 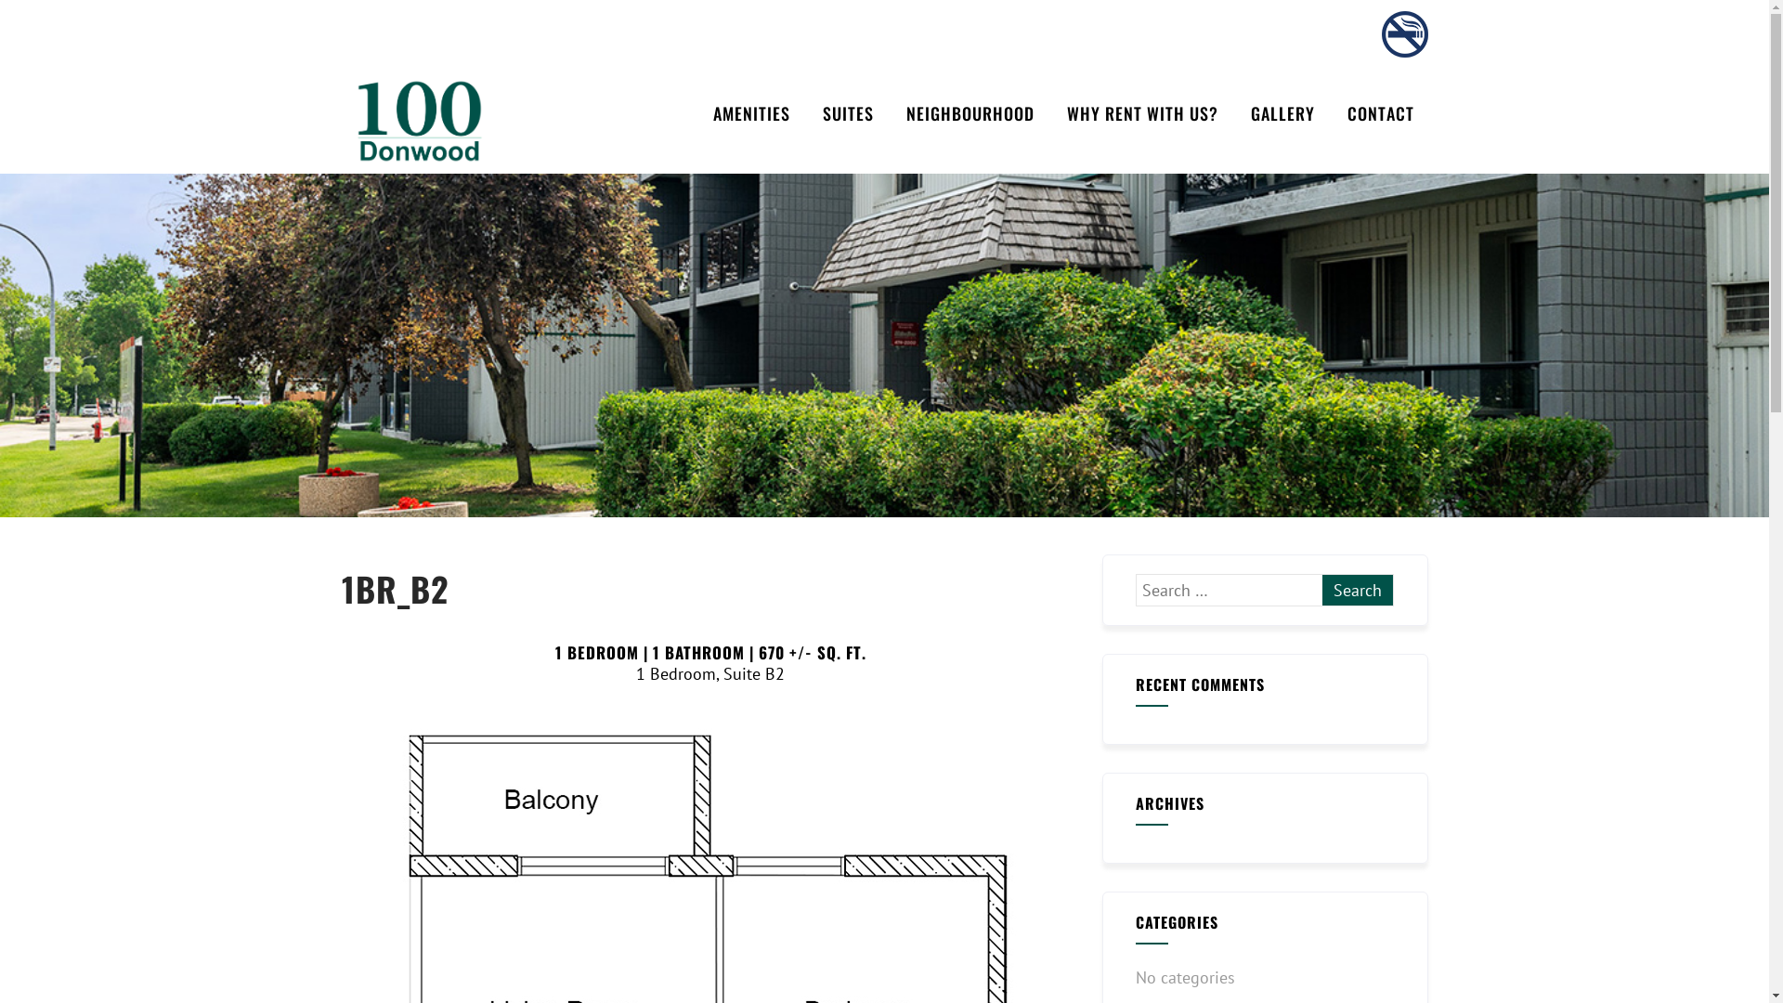 I want to click on 'WHY RENT WITH US?', so click(x=1141, y=113).